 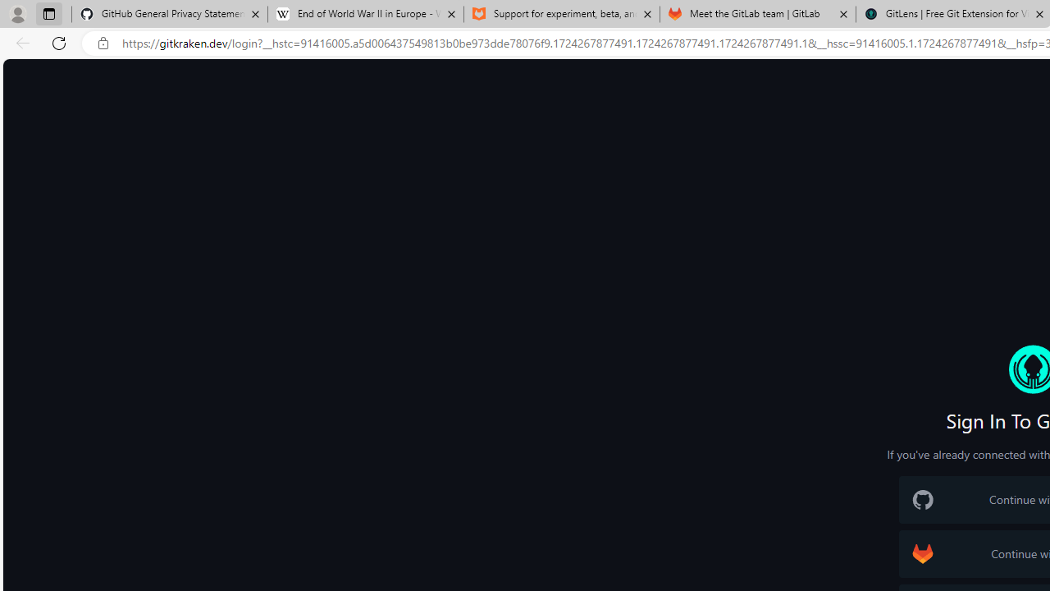 I want to click on 'GitHub Logo', so click(x=923, y=499).